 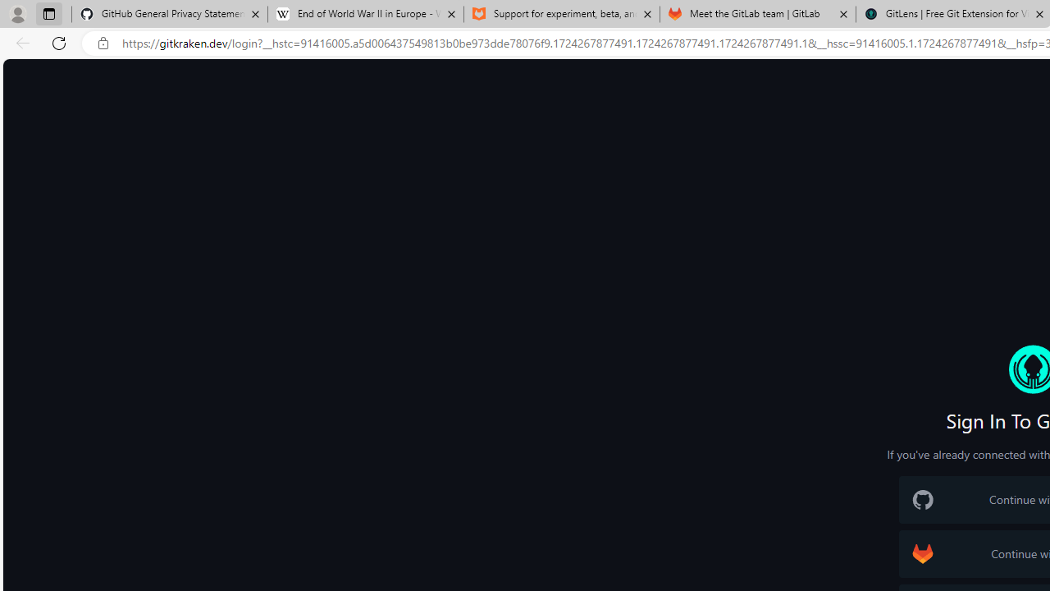 I want to click on 'GitHub Logo', so click(x=923, y=499).